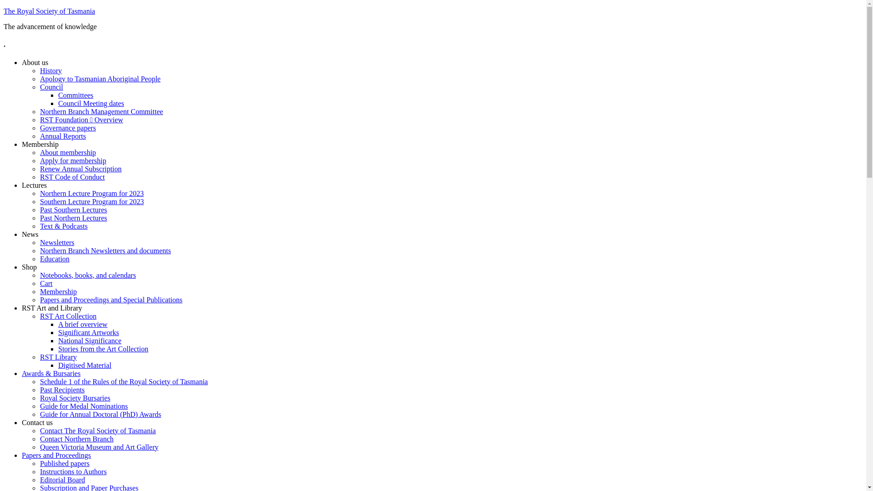 The width and height of the screenshot is (873, 491). I want to click on 'A brief overview', so click(58, 324).